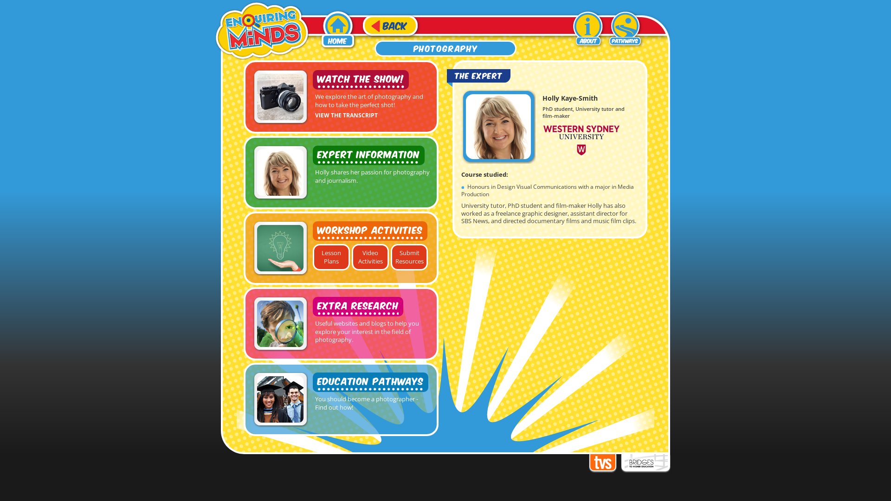  Describe the element at coordinates (312, 257) in the screenshot. I see `'Lesson` at that location.